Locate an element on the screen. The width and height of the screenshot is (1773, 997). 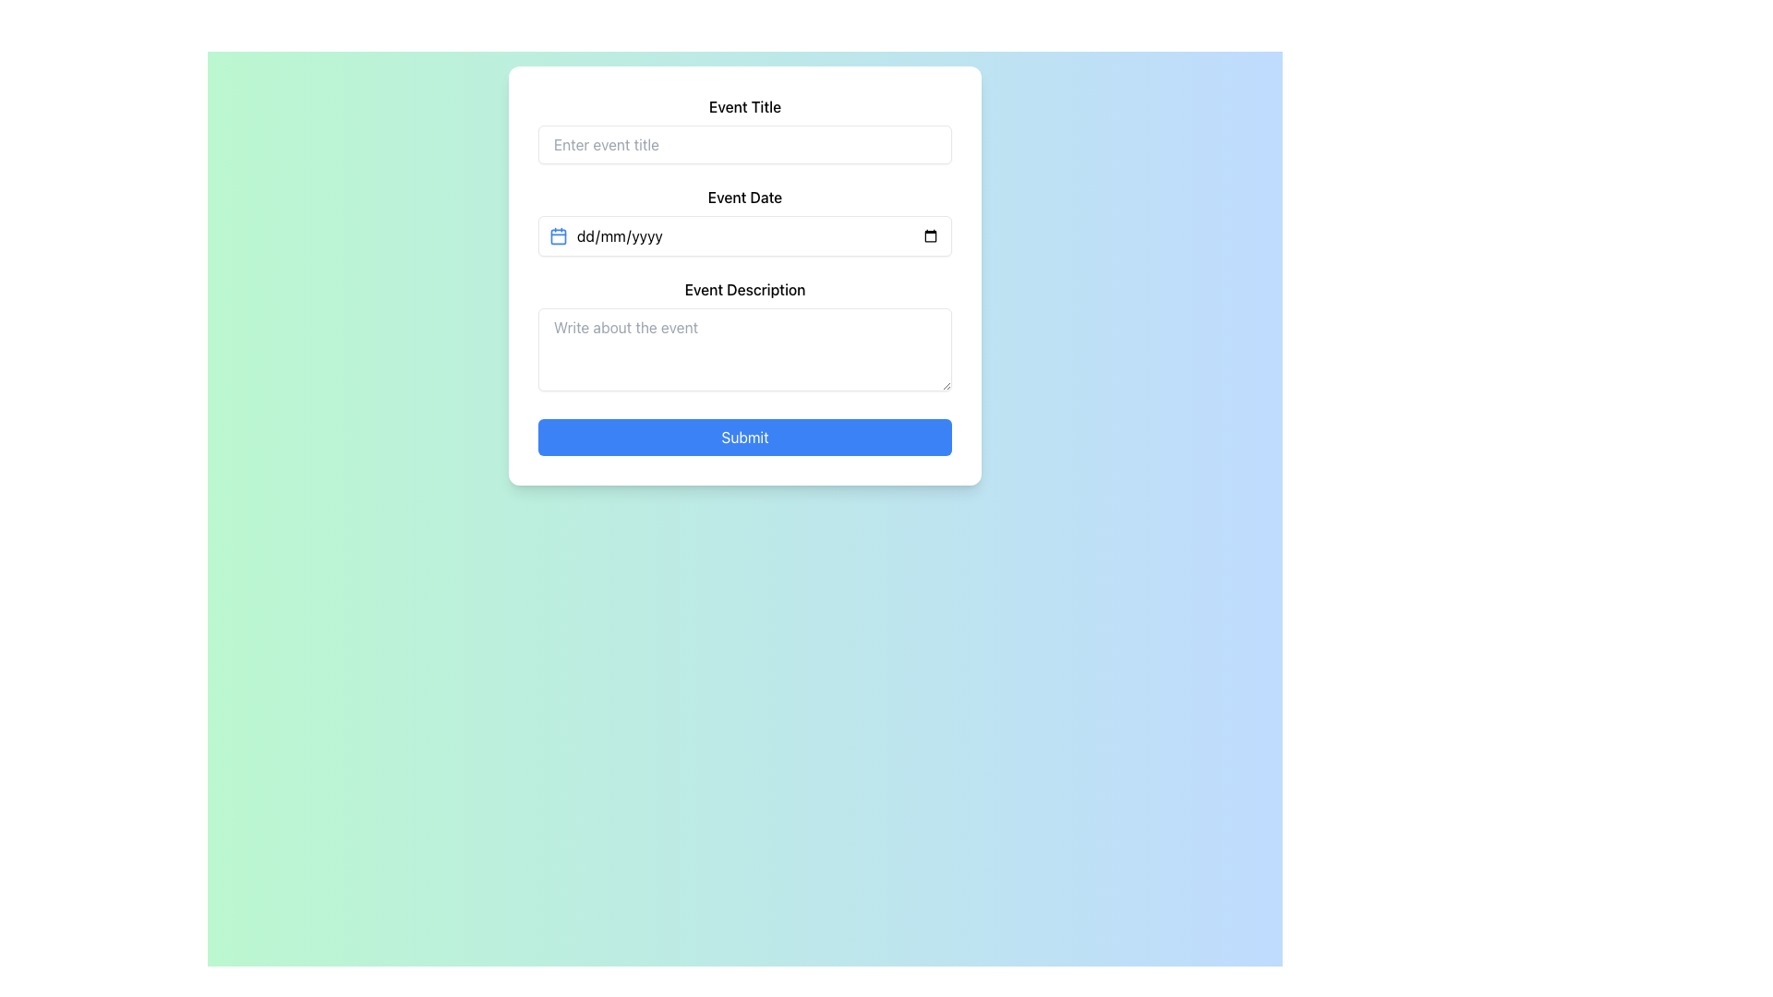
the text label that describes the input field for entering the event's title, located at the top of the form interface is located at coordinates (744, 106).